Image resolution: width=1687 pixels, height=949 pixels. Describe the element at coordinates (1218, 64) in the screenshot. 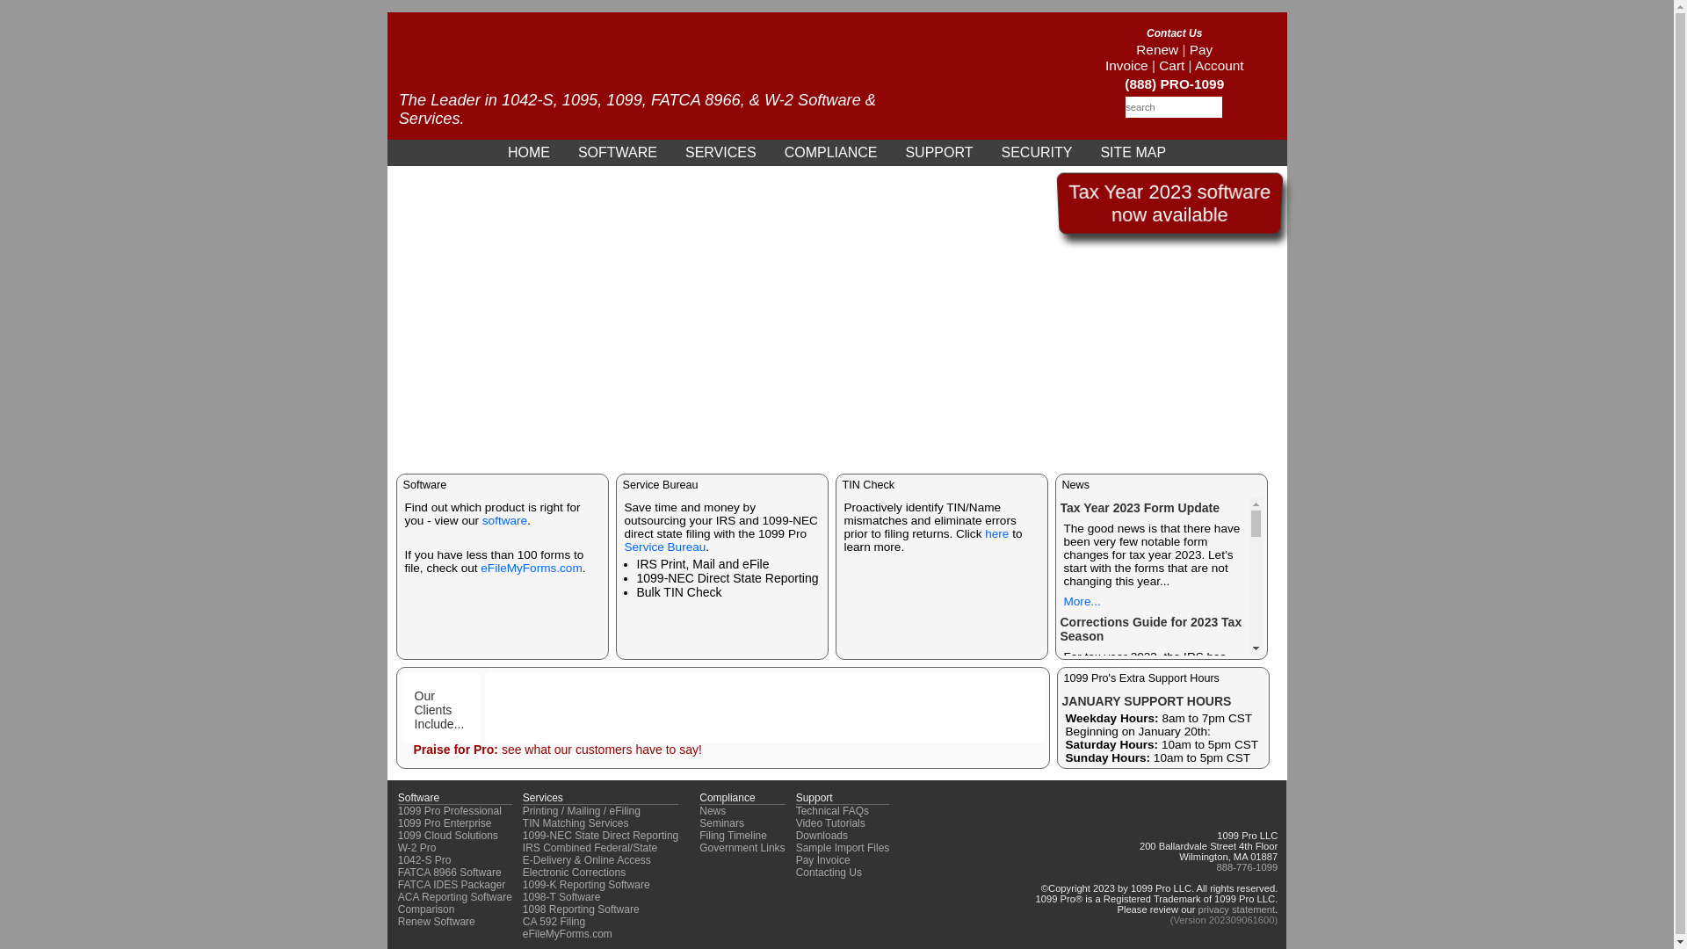

I see `'Account'` at that location.